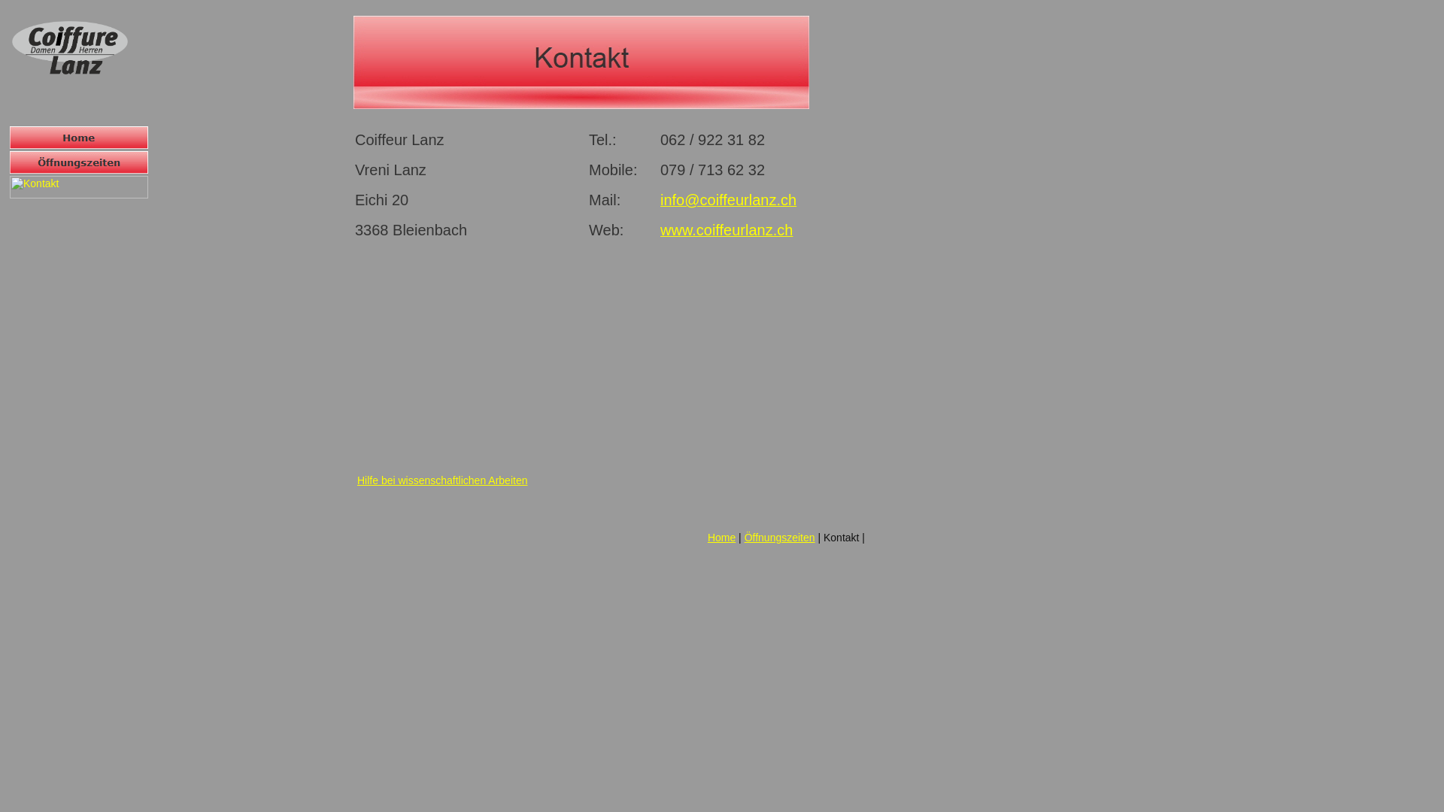 The width and height of the screenshot is (1444, 812). Describe the element at coordinates (441, 480) in the screenshot. I see `'Hilfe bei wissenschaftlichen Arbeiten'` at that location.